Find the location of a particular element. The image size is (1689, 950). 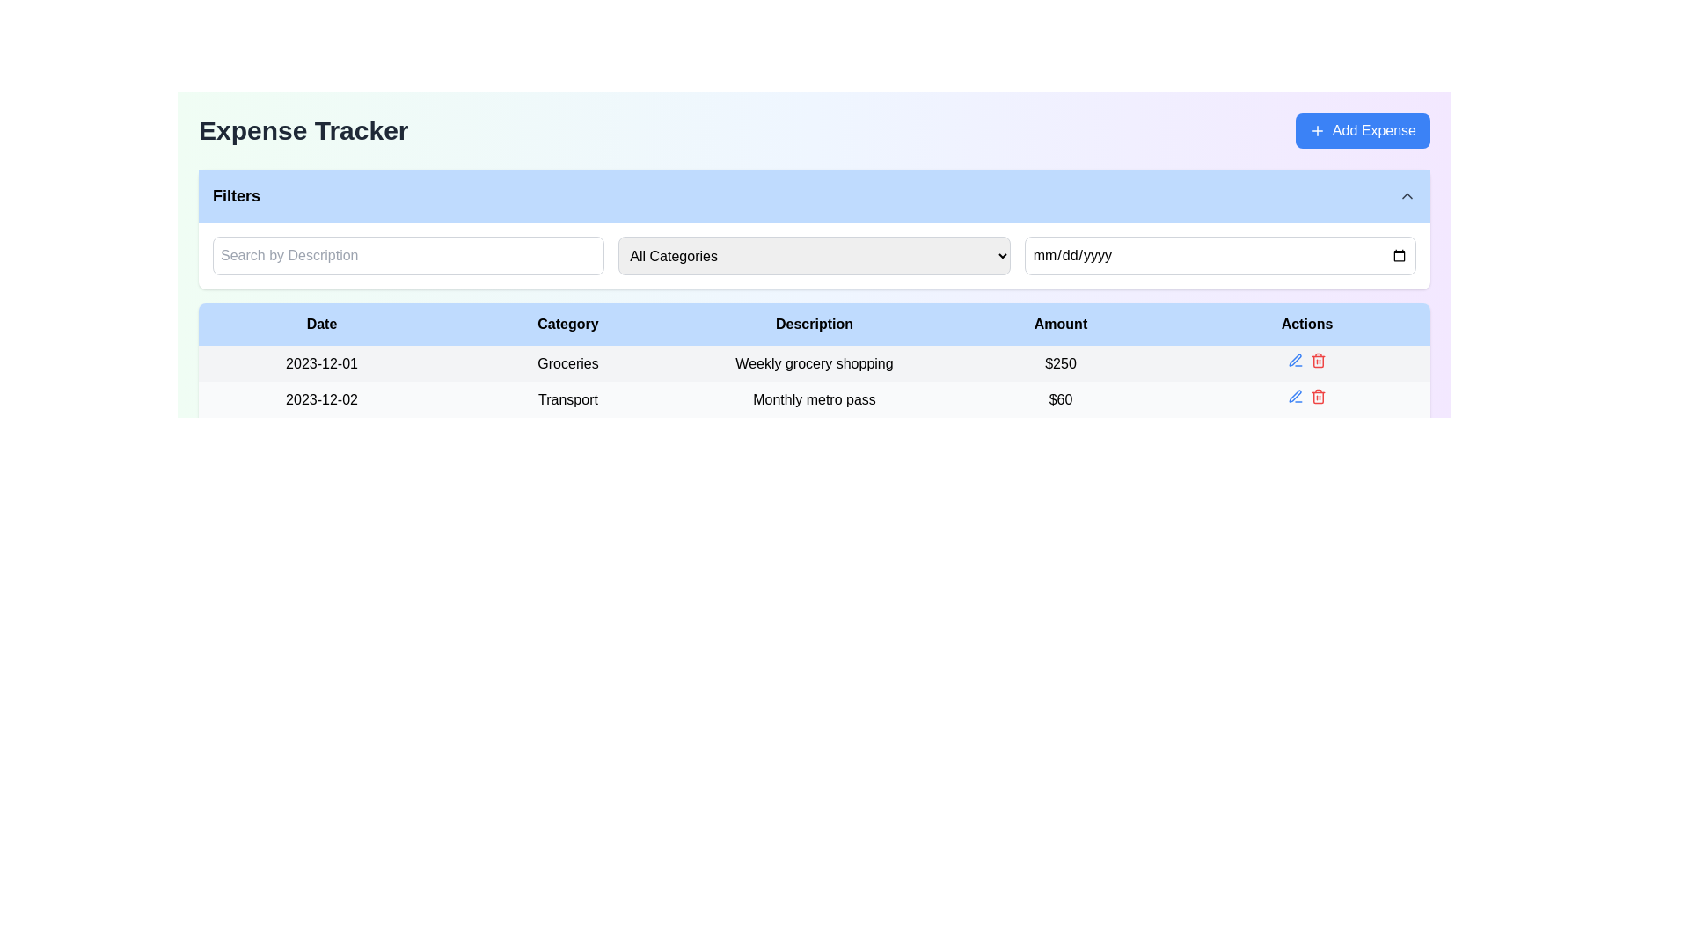

the 'Actions' column header in the table, which is the last header aligned with 'Date,' 'Category,' 'Description,' and 'Amount' is located at coordinates (1307, 325).